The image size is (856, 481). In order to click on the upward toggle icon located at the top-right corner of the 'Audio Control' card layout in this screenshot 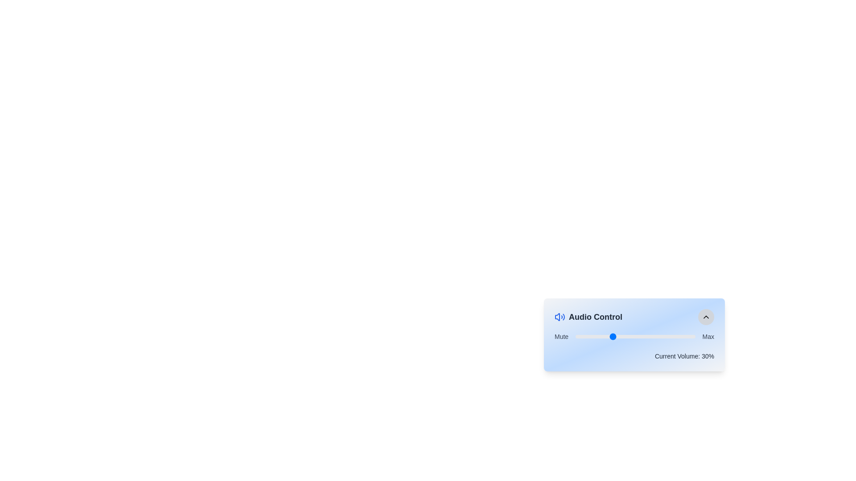, I will do `click(706, 317)`.